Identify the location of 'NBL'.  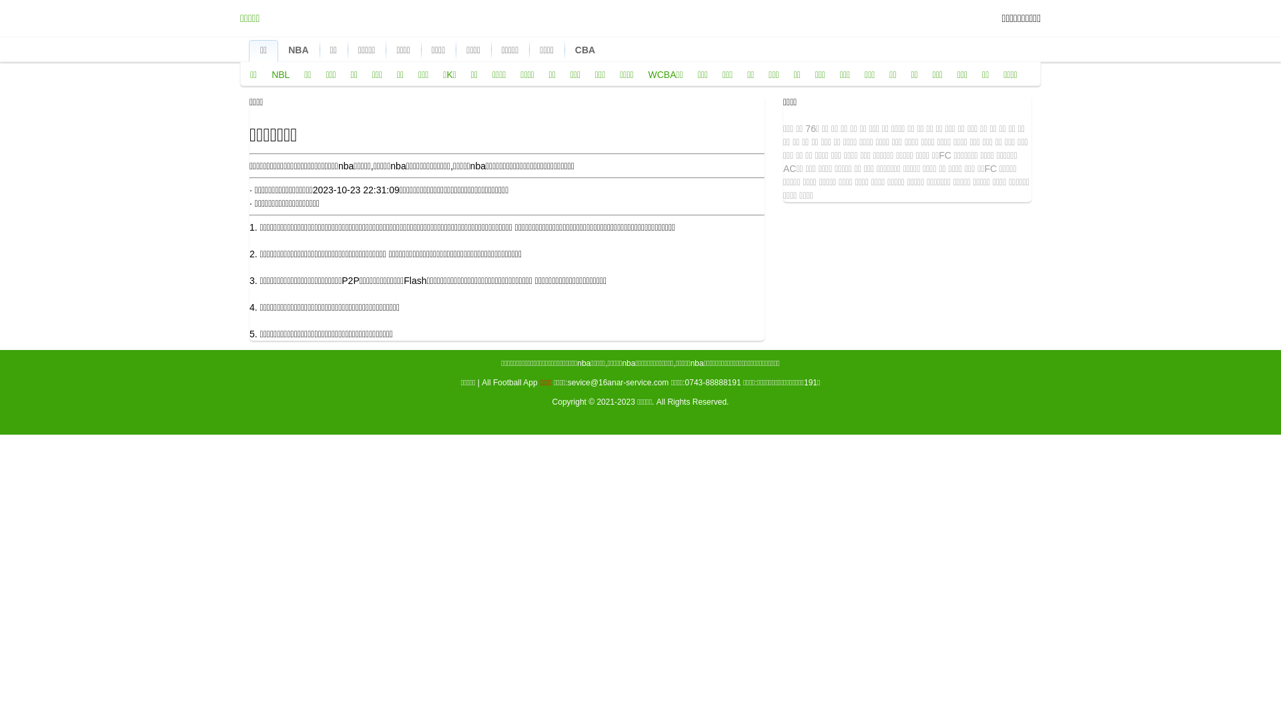
(280, 74).